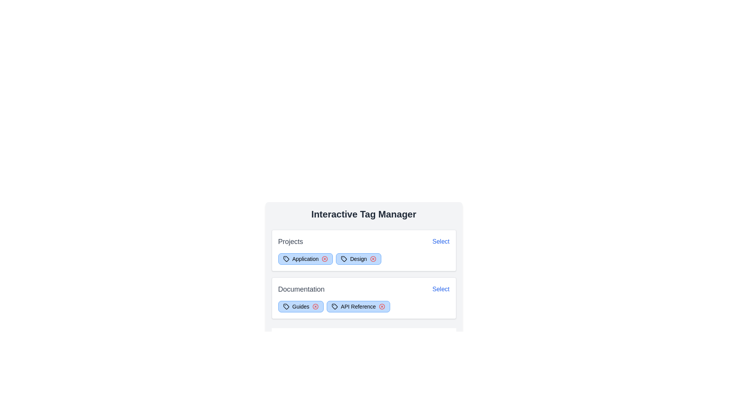 Image resolution: width=738 pixels, height=415 pixels. Describe the element at coordinates (324, 259) in the screenshot. I see `the circular icon with an outlined circle and 'x' shape, which is located at the end of the 'Application' tag in the 'Projects' section` at that location.